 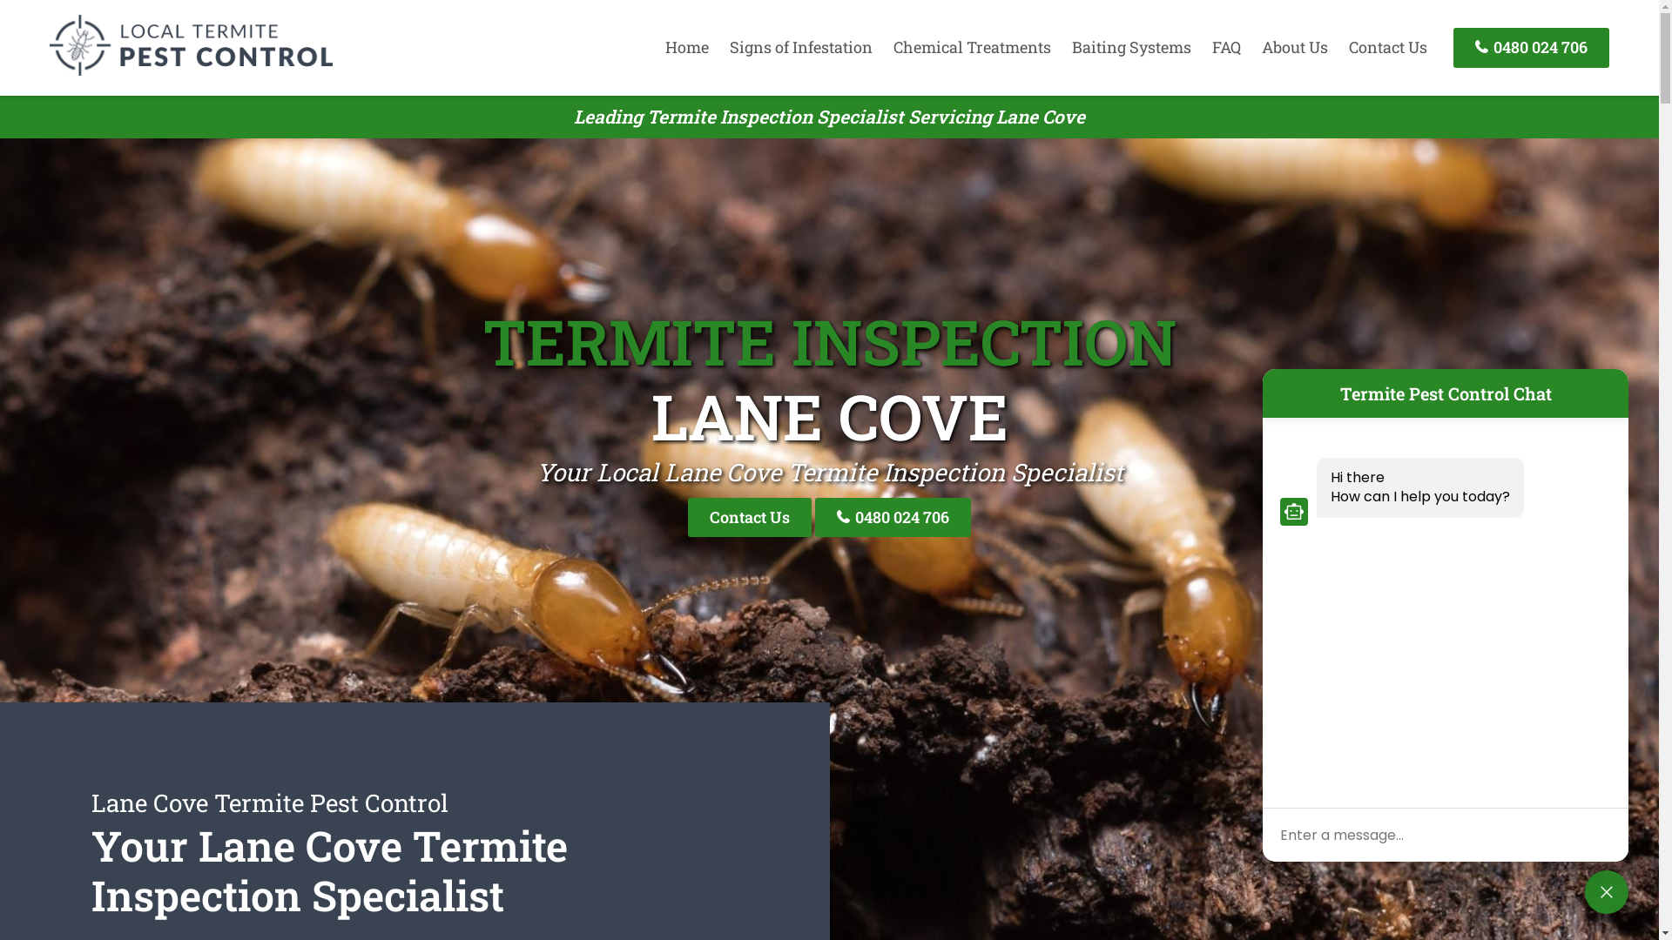 I want to click on 'Contact Us', so click(x=1386, y=46).